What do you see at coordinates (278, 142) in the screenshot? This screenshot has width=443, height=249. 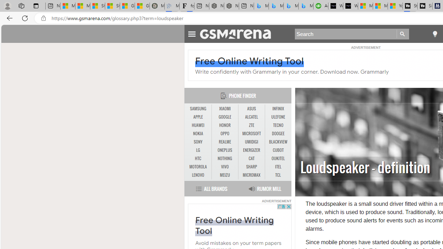 I see `'BLACKVIEW'` at bounding box center [278, 142].